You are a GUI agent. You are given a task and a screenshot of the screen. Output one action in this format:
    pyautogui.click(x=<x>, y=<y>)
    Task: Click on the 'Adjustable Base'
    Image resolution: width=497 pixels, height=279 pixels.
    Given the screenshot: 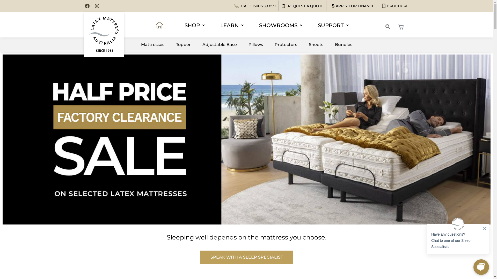 What is the action you would take?
    pyautogui.click(x=219, y=44)
    